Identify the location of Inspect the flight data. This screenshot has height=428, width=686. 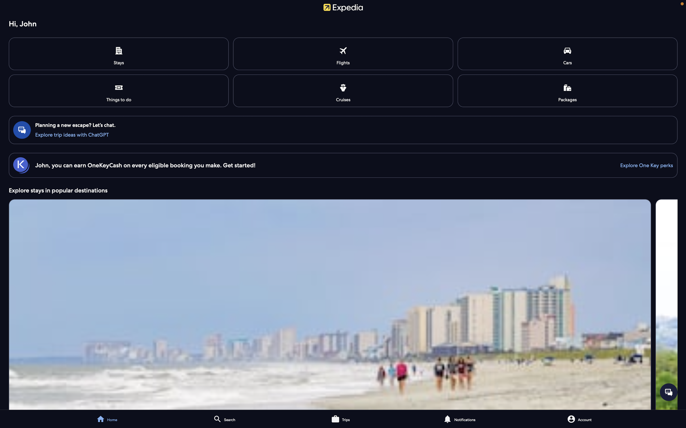
(344, 54).